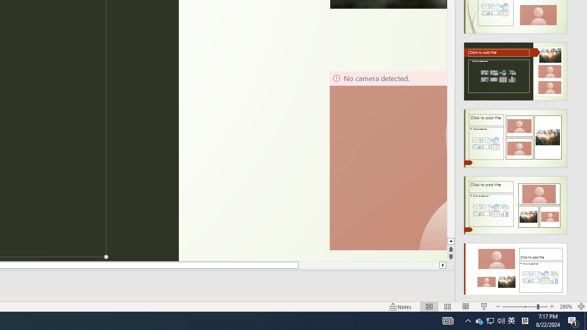  I want to click on 'Design Idea', so click(515, 269).